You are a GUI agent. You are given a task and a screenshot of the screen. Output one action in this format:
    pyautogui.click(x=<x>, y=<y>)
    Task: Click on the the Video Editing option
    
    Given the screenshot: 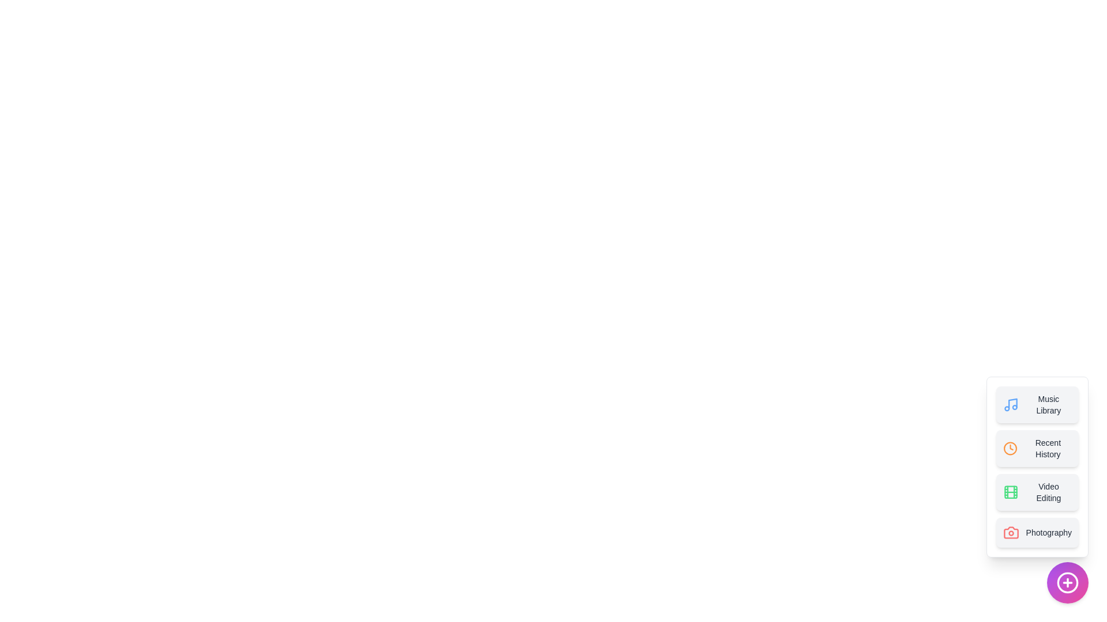 What is the action you would take?
    pyautogui.click(x=1037, y=492)
    